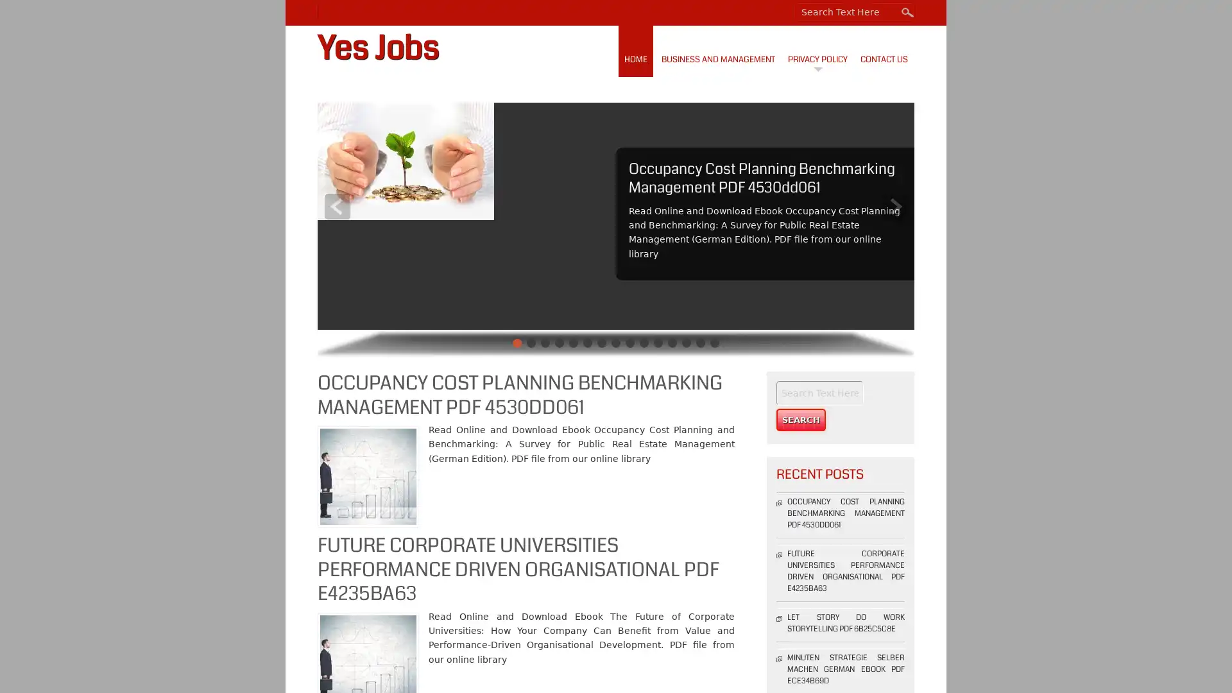 This screenshot has height=693, width=1232. I want to click on Search, so click(800, 420).